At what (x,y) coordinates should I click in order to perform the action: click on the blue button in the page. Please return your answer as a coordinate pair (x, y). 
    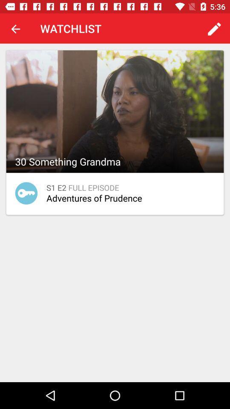
    Looking at the image, I should click on (26, 193).